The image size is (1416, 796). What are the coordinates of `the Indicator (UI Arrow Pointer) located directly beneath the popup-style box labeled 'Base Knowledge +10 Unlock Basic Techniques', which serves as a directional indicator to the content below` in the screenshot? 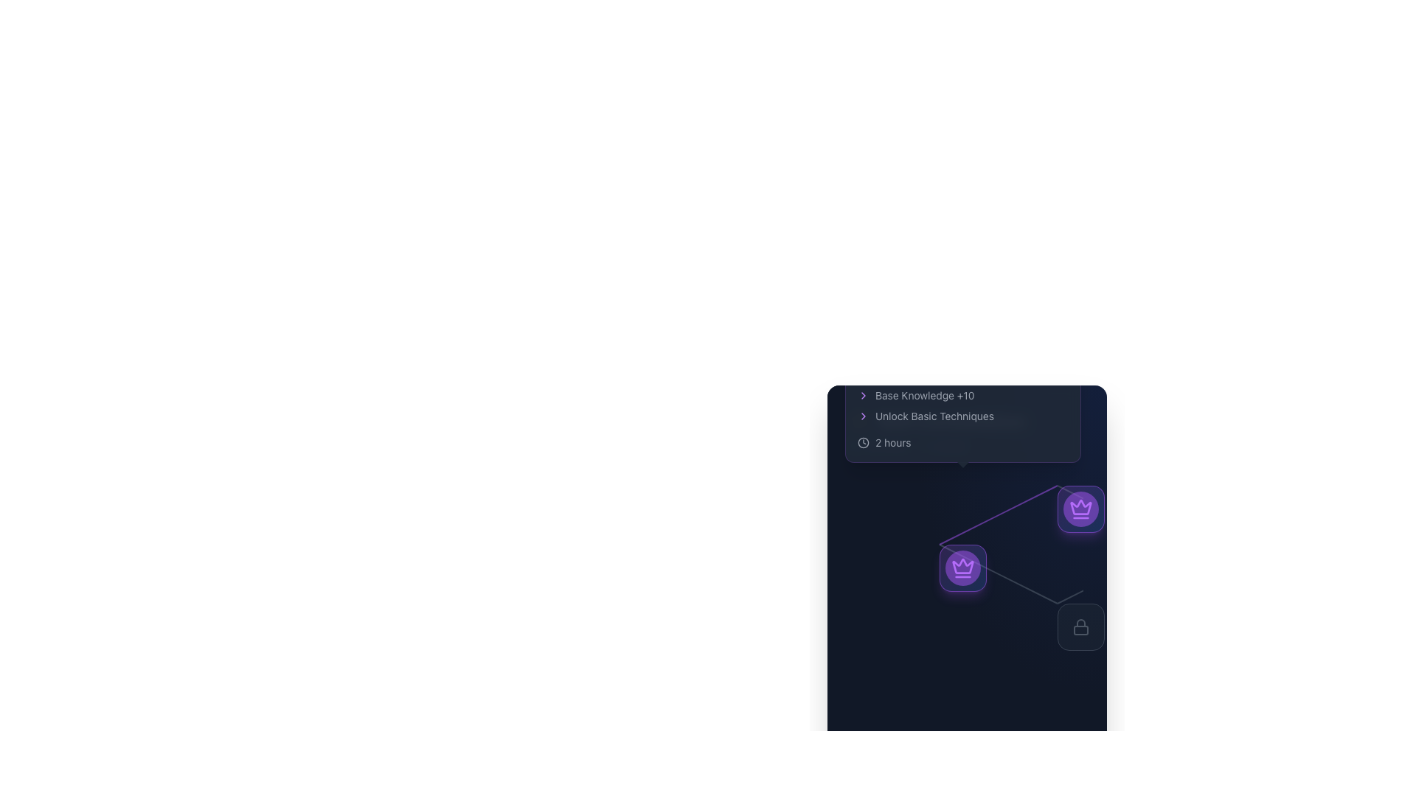 It's located at (962, 468).